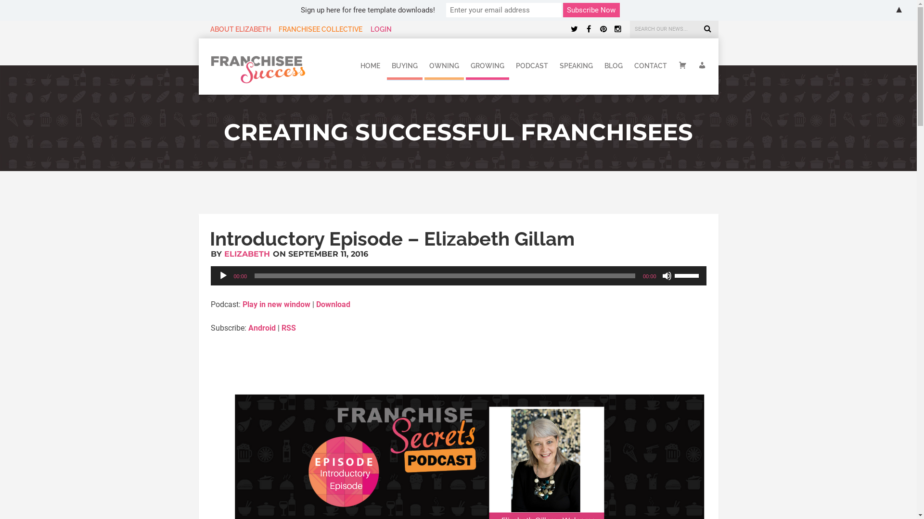 The image size is (924, 519). Describe the element at coordinates (240, 29) in the screenshot. I see `'ABOUT ELIZABETH'` at that location.